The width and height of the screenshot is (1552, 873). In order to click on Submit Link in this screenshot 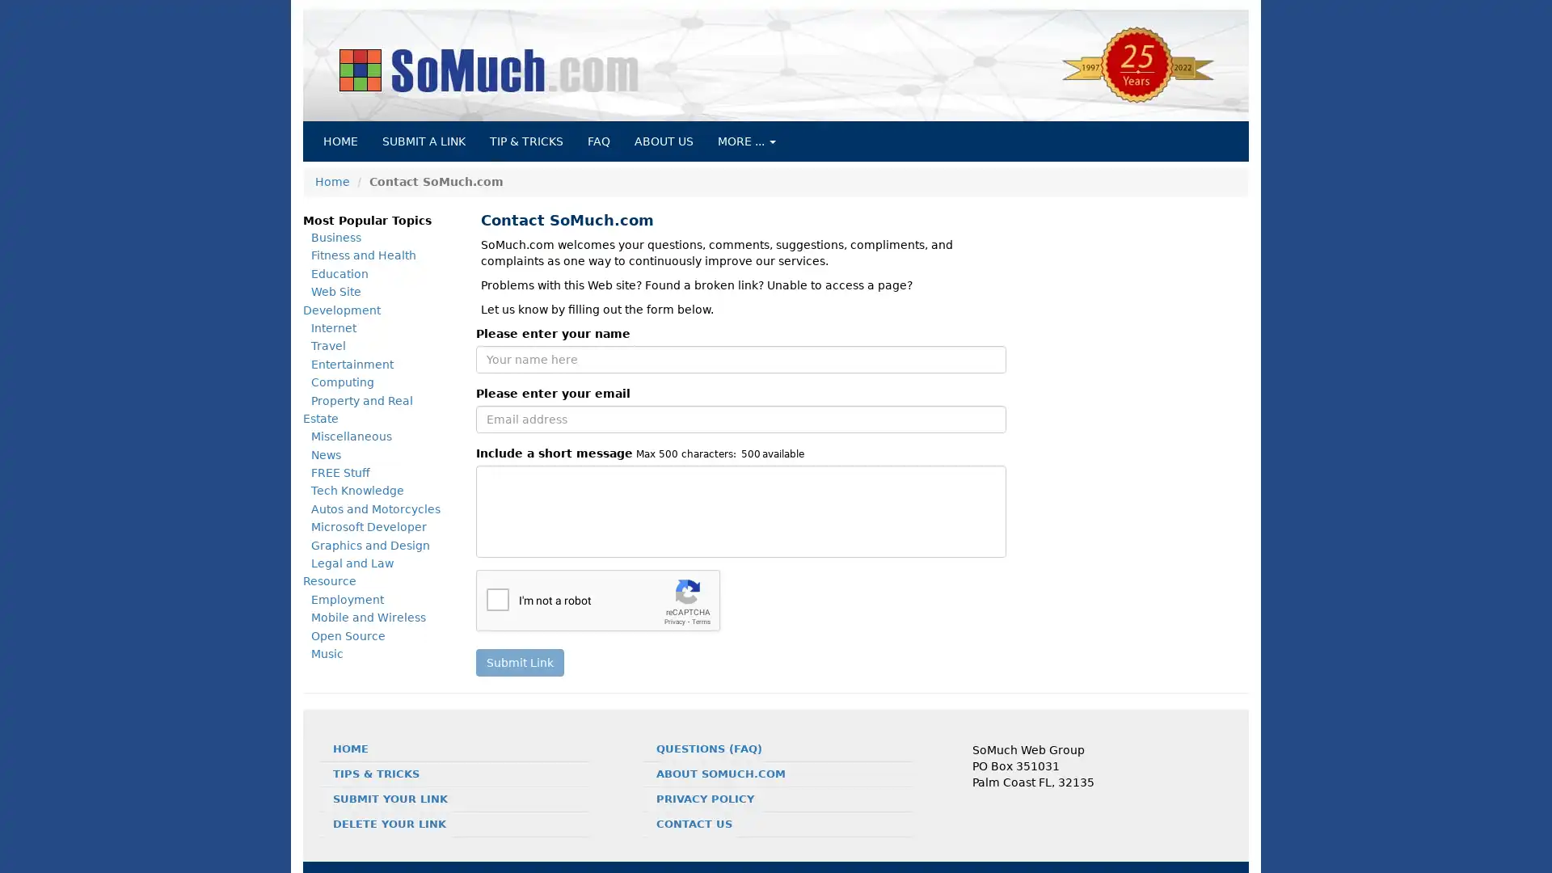, I will do `click(520, 663)`.